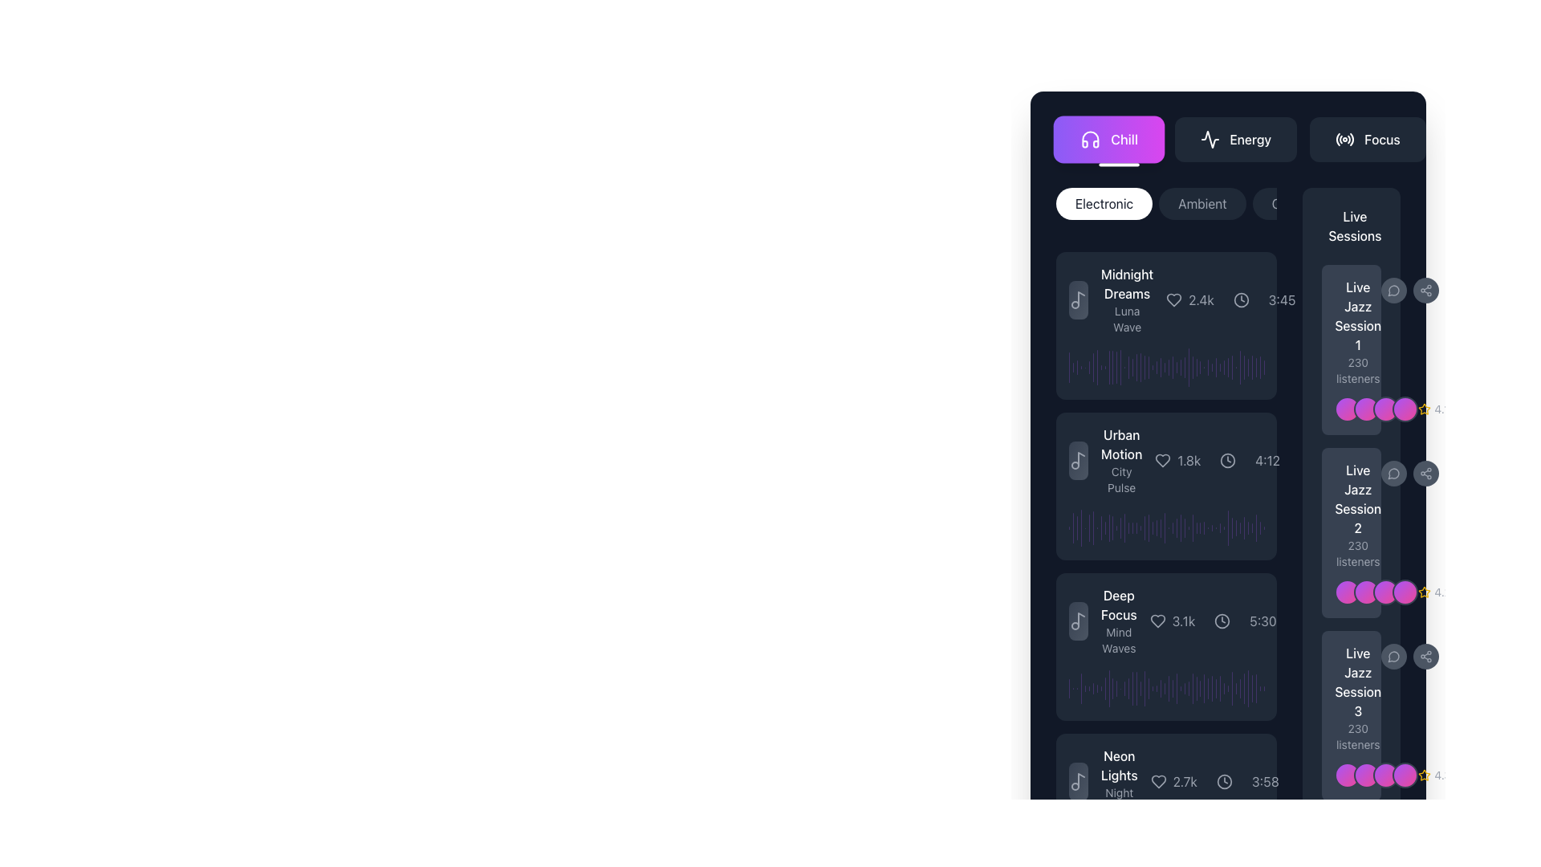  I want to click on the 'Energy' button located in the middle of a navigation bar with buttons 'Chill', 'Energy', and 'Focus', so click(1235, 138).